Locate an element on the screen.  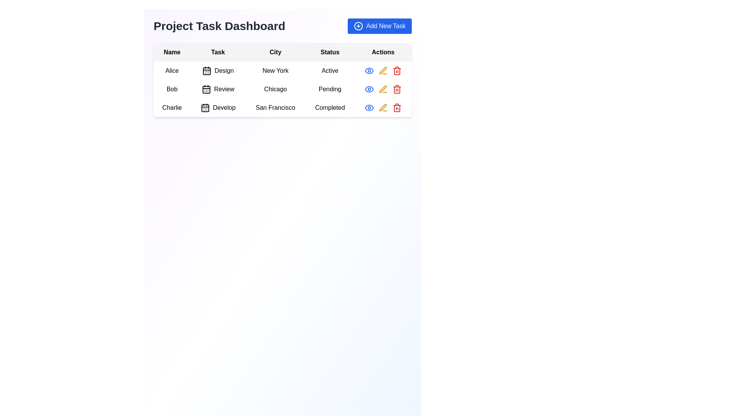
text label indicating the current status of the task assigned to 'Bob', which is labeled as 'Pending' is located at coordinates (330, 89).